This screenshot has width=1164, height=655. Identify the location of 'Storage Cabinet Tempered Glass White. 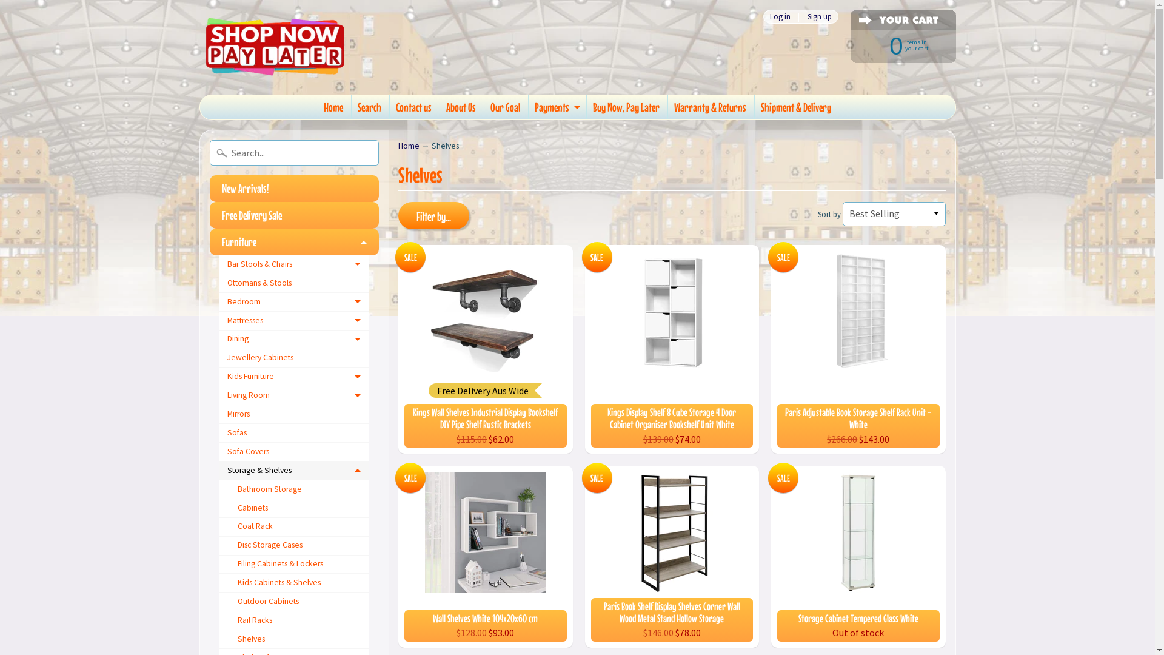
(858, 557).